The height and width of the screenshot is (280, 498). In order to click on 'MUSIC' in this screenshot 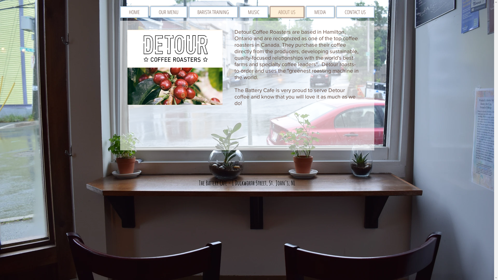, I will do `click(253, 12)`.